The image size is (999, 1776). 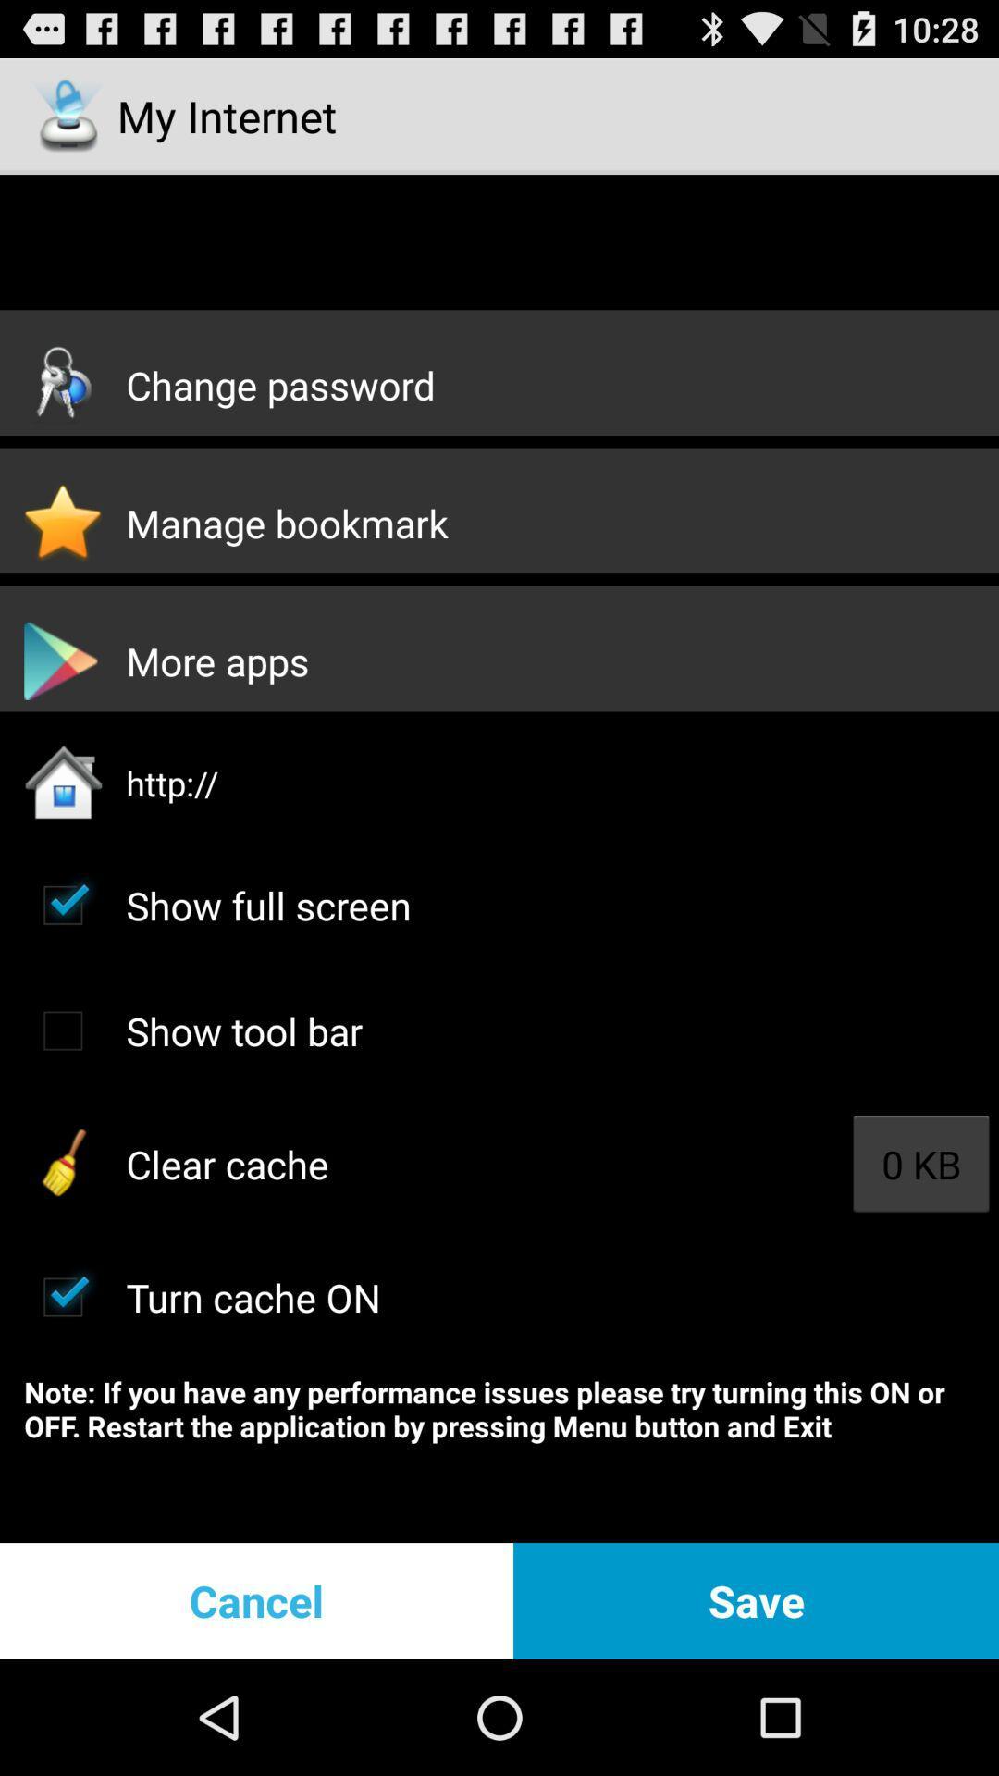 What do you see at coordinates (62, 905) in the screenshot?
I see `full screen toggle` at bounding box center [62, 905].